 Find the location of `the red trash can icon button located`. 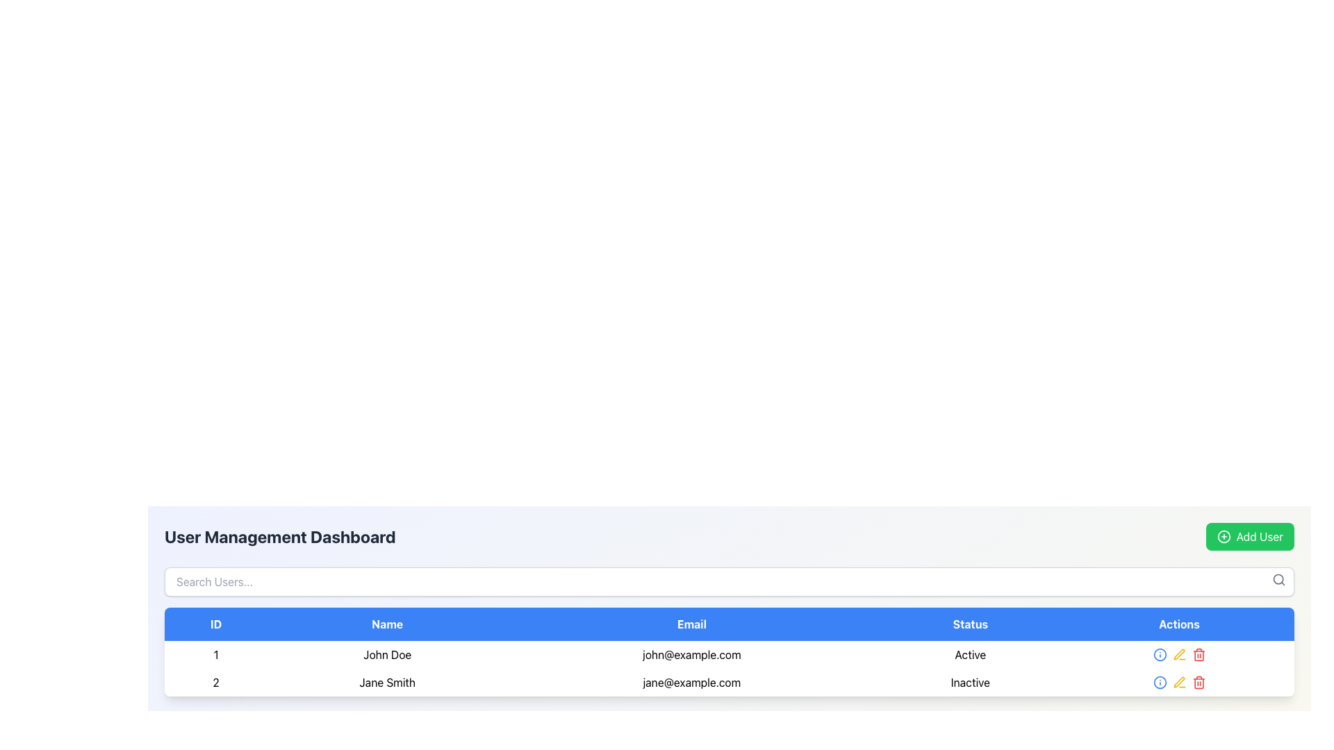

the red trash can icon button located is located at coordinates (1198, 654).